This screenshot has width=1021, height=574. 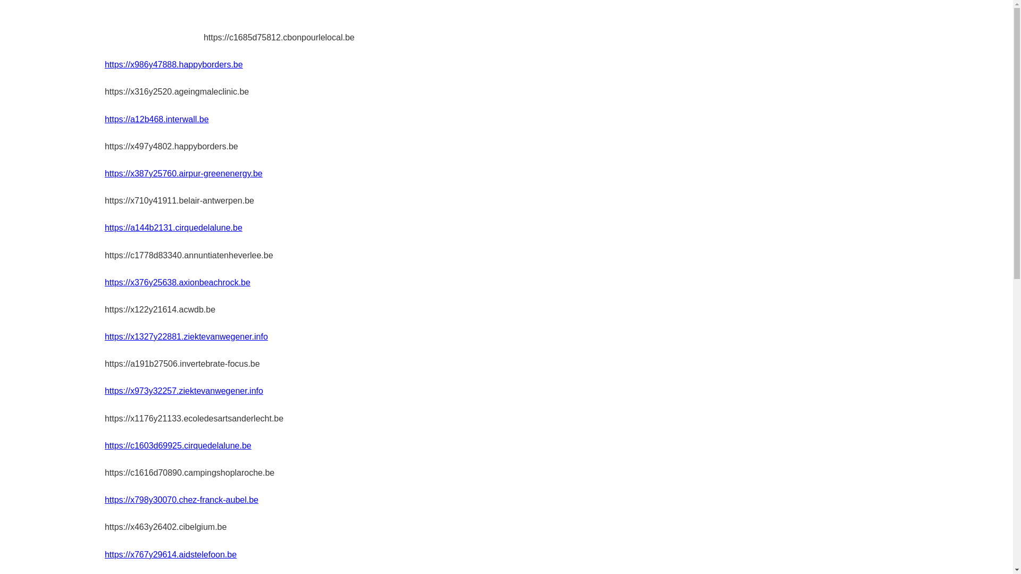 I want to click on 'https://x376y25638.axionbeachrock.be', so click(x=178, y=282).